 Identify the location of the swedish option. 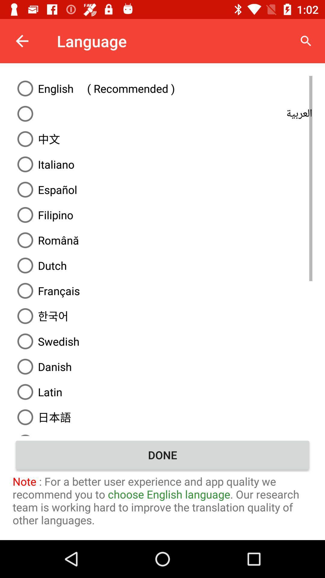
(162, 341).